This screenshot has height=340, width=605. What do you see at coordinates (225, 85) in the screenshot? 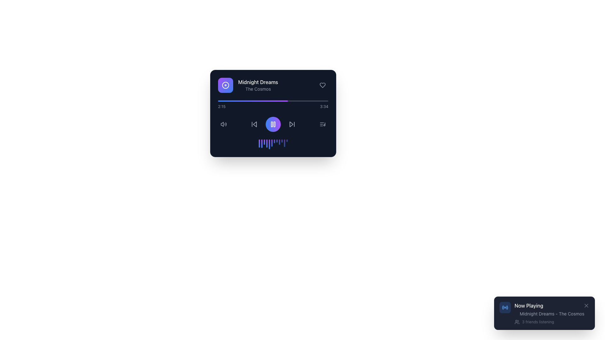
I see `the Loading spinner icon, which is centered inside a square card with a gradient purple-to-blue background located in the upper left section of the audio player component` at bounding box center [225, 85].